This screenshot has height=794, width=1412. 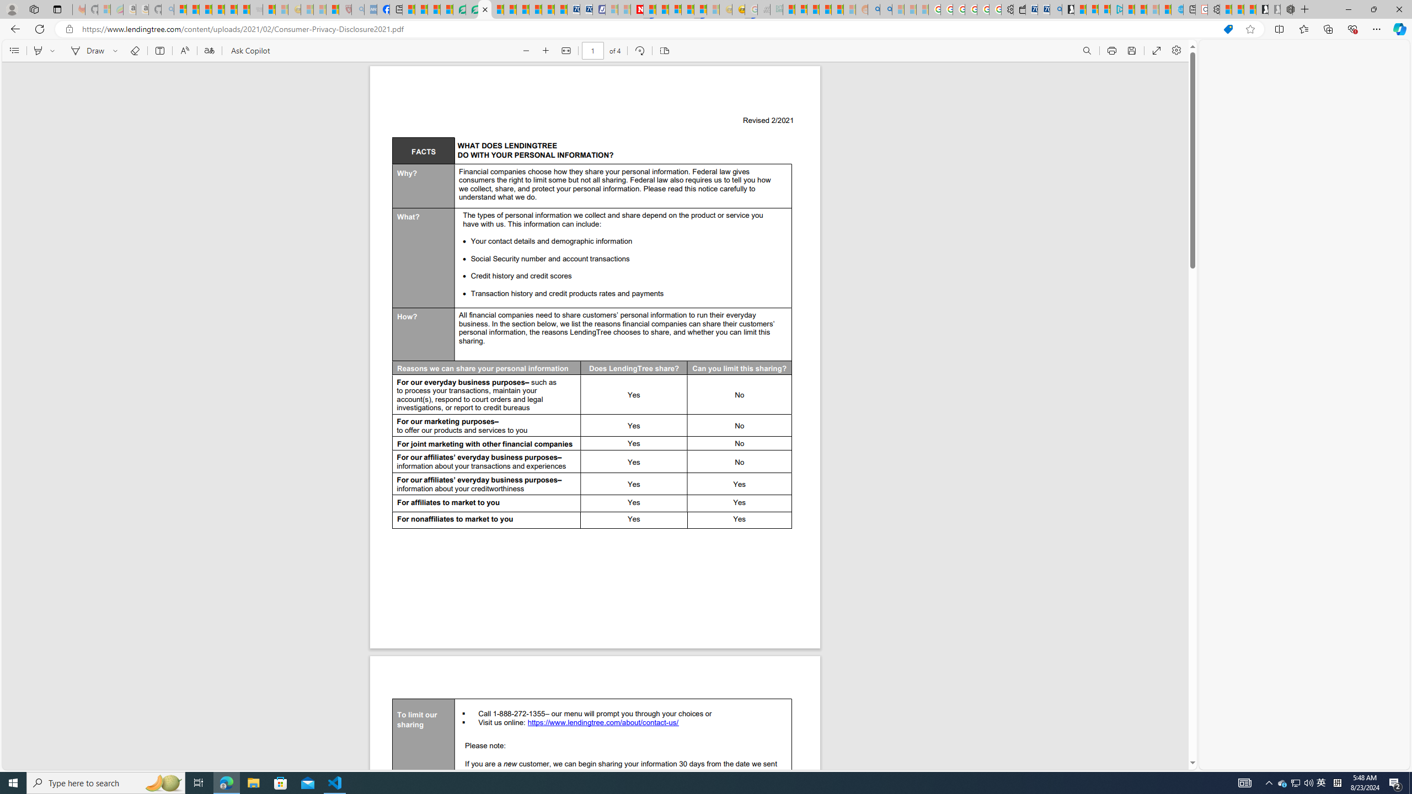 I want to click on 'Read aloud', so click(x=184, y=50).